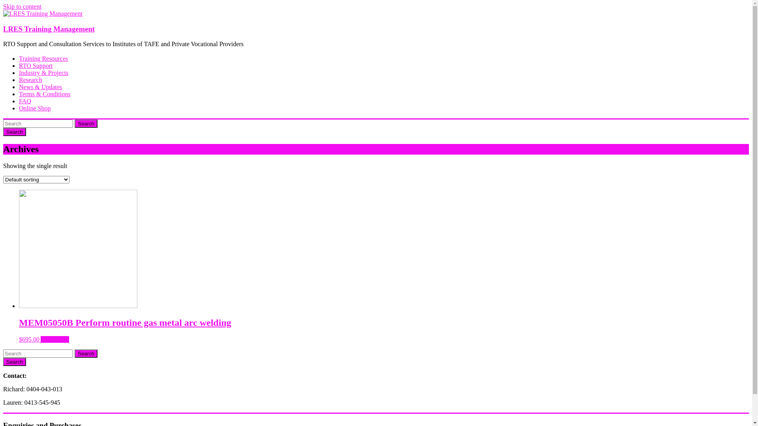  Describe the element at coordinates (19, 108) in the screenshot. I see `'Online Shop'` at that location.